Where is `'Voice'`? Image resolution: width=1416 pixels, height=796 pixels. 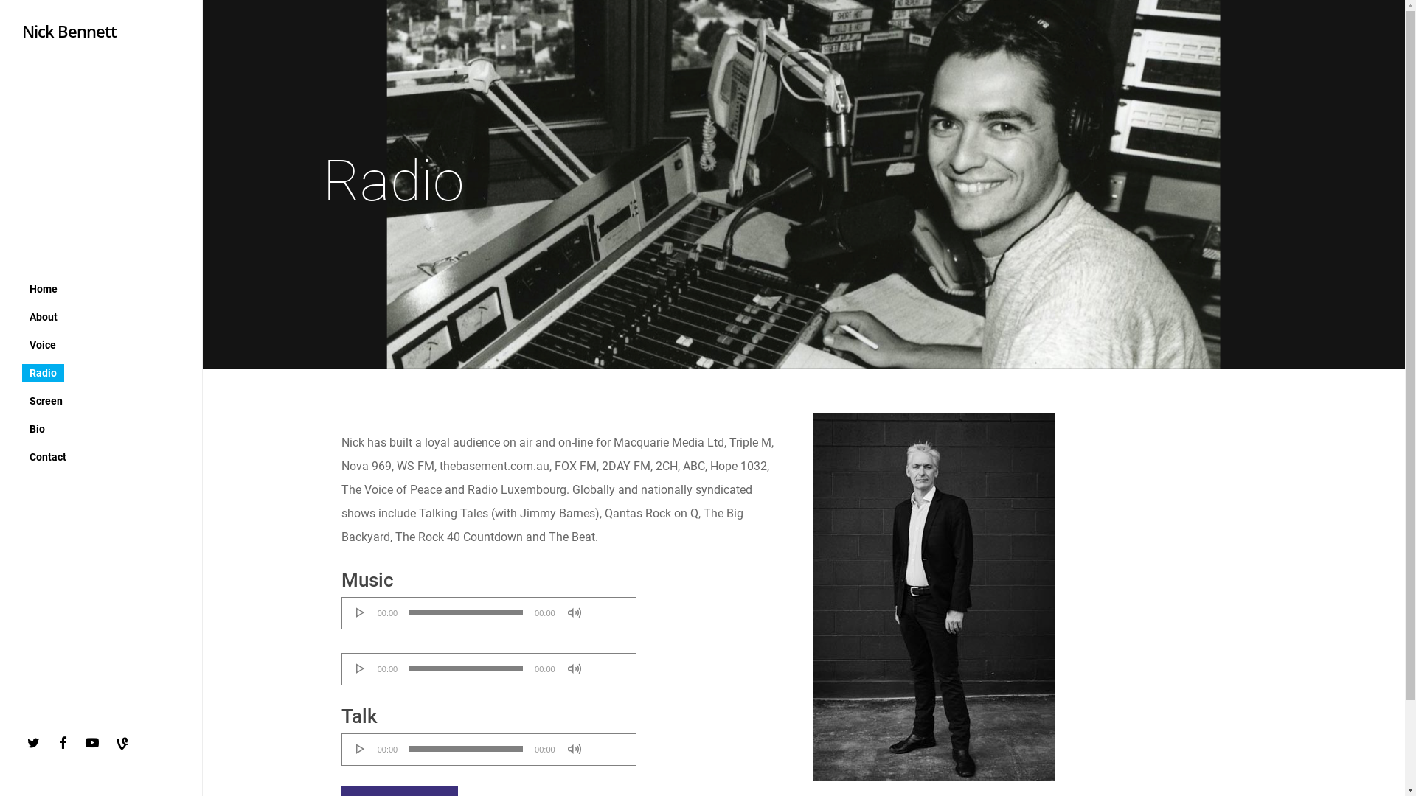
'Voice' is located at coordinates (42, 343).